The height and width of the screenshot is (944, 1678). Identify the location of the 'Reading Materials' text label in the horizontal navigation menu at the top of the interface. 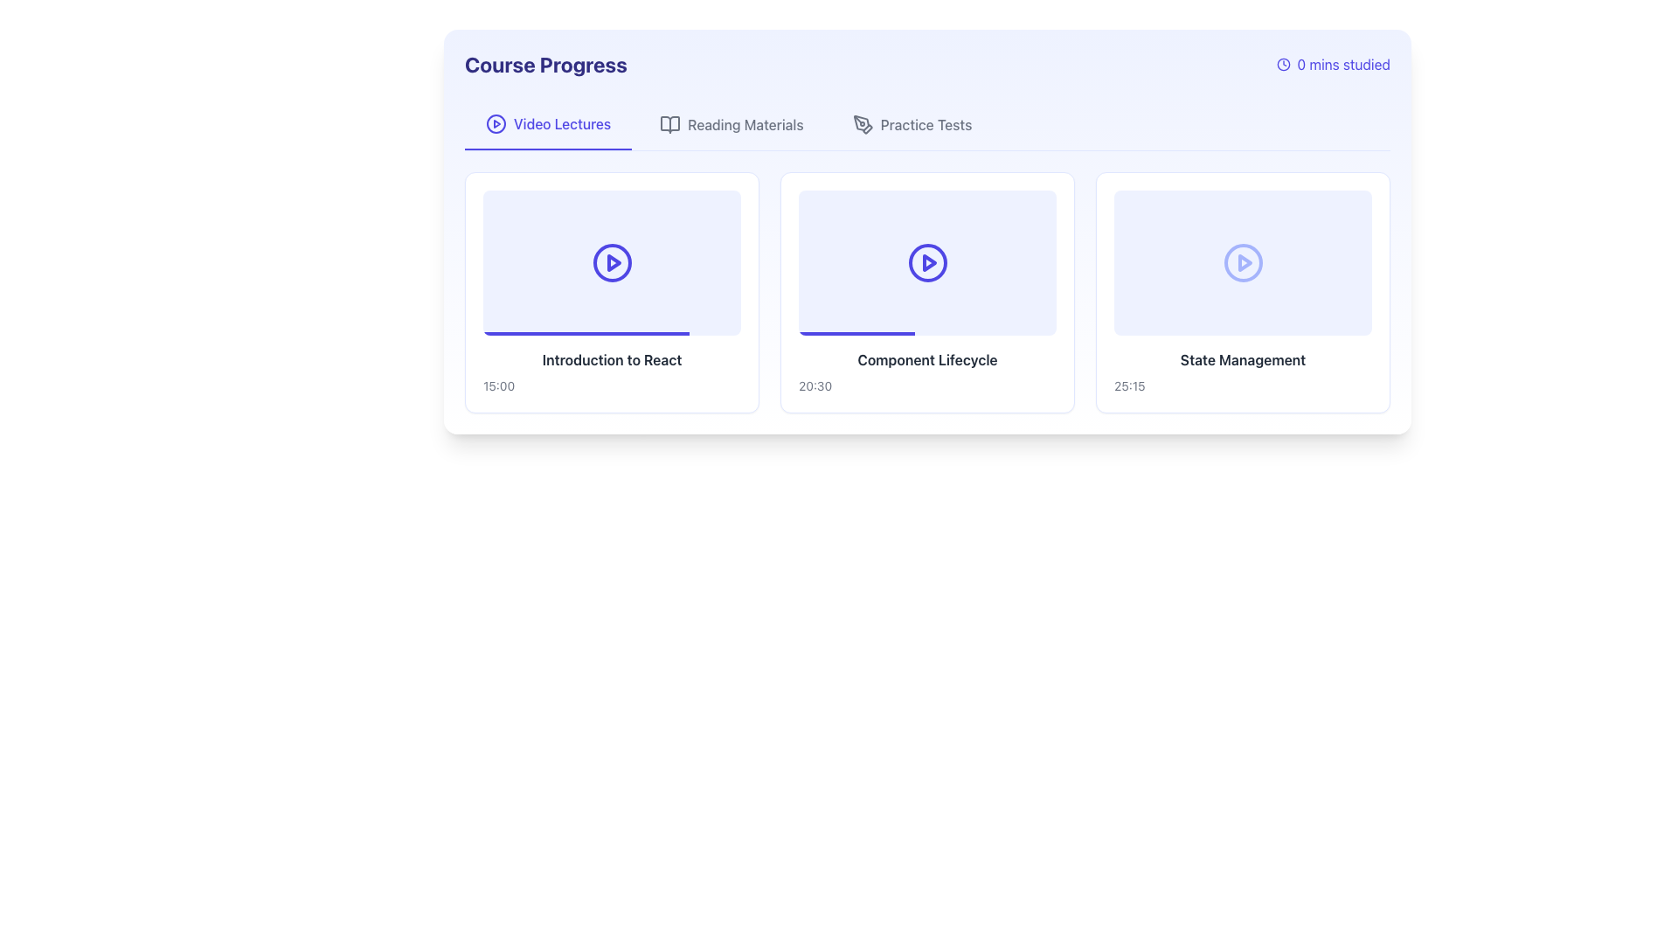
(745, 123).